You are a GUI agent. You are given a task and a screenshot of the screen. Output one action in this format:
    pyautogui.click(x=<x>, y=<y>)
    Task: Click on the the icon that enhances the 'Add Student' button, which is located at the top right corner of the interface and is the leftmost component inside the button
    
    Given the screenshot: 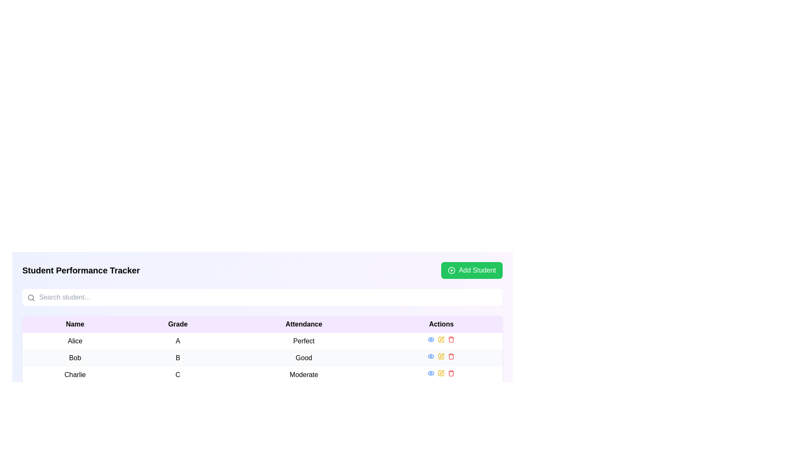 What is the action you would take?
    pyautogui.click(x=451, y=270)
    